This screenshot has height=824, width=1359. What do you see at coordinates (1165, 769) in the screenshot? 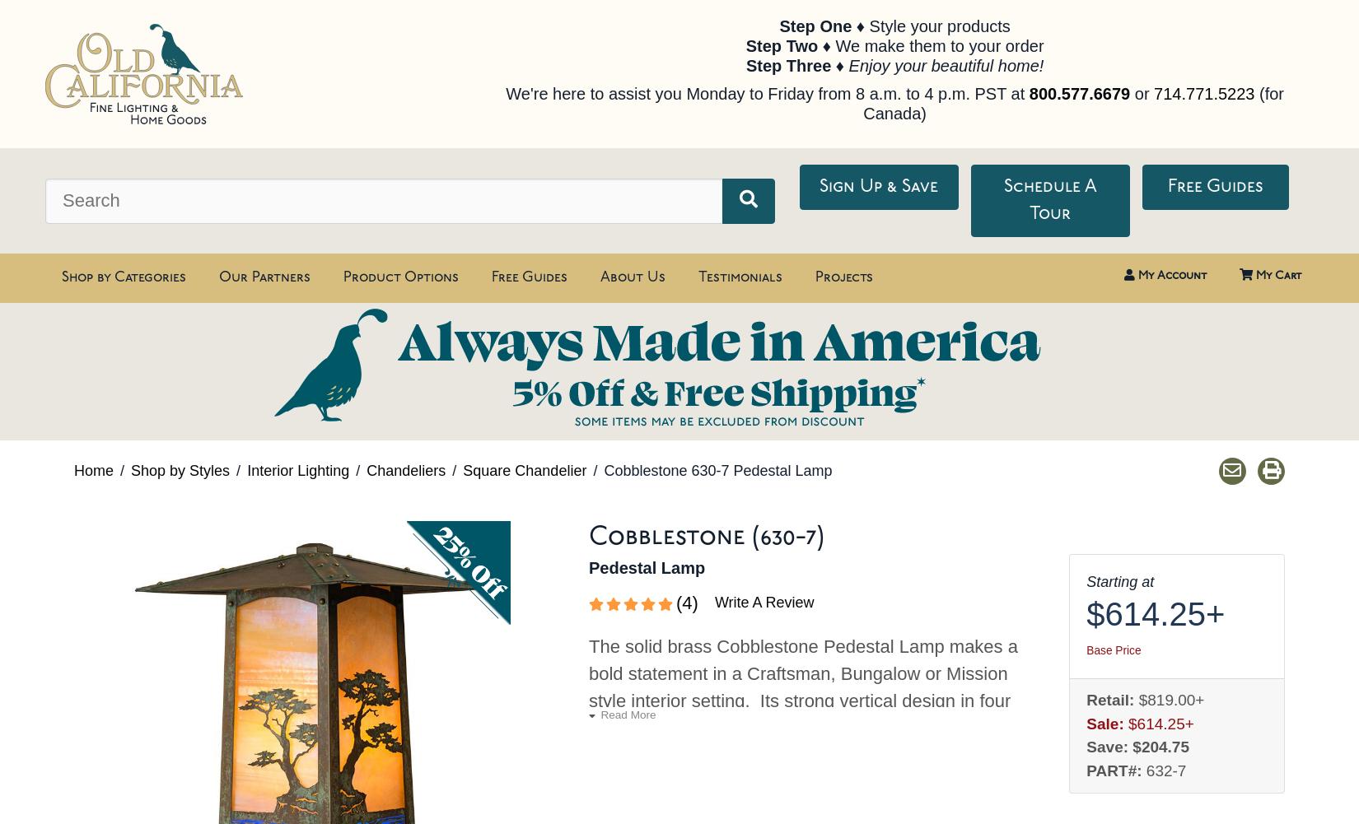
I see `'632-7'` at bounding box center [1165, 769].